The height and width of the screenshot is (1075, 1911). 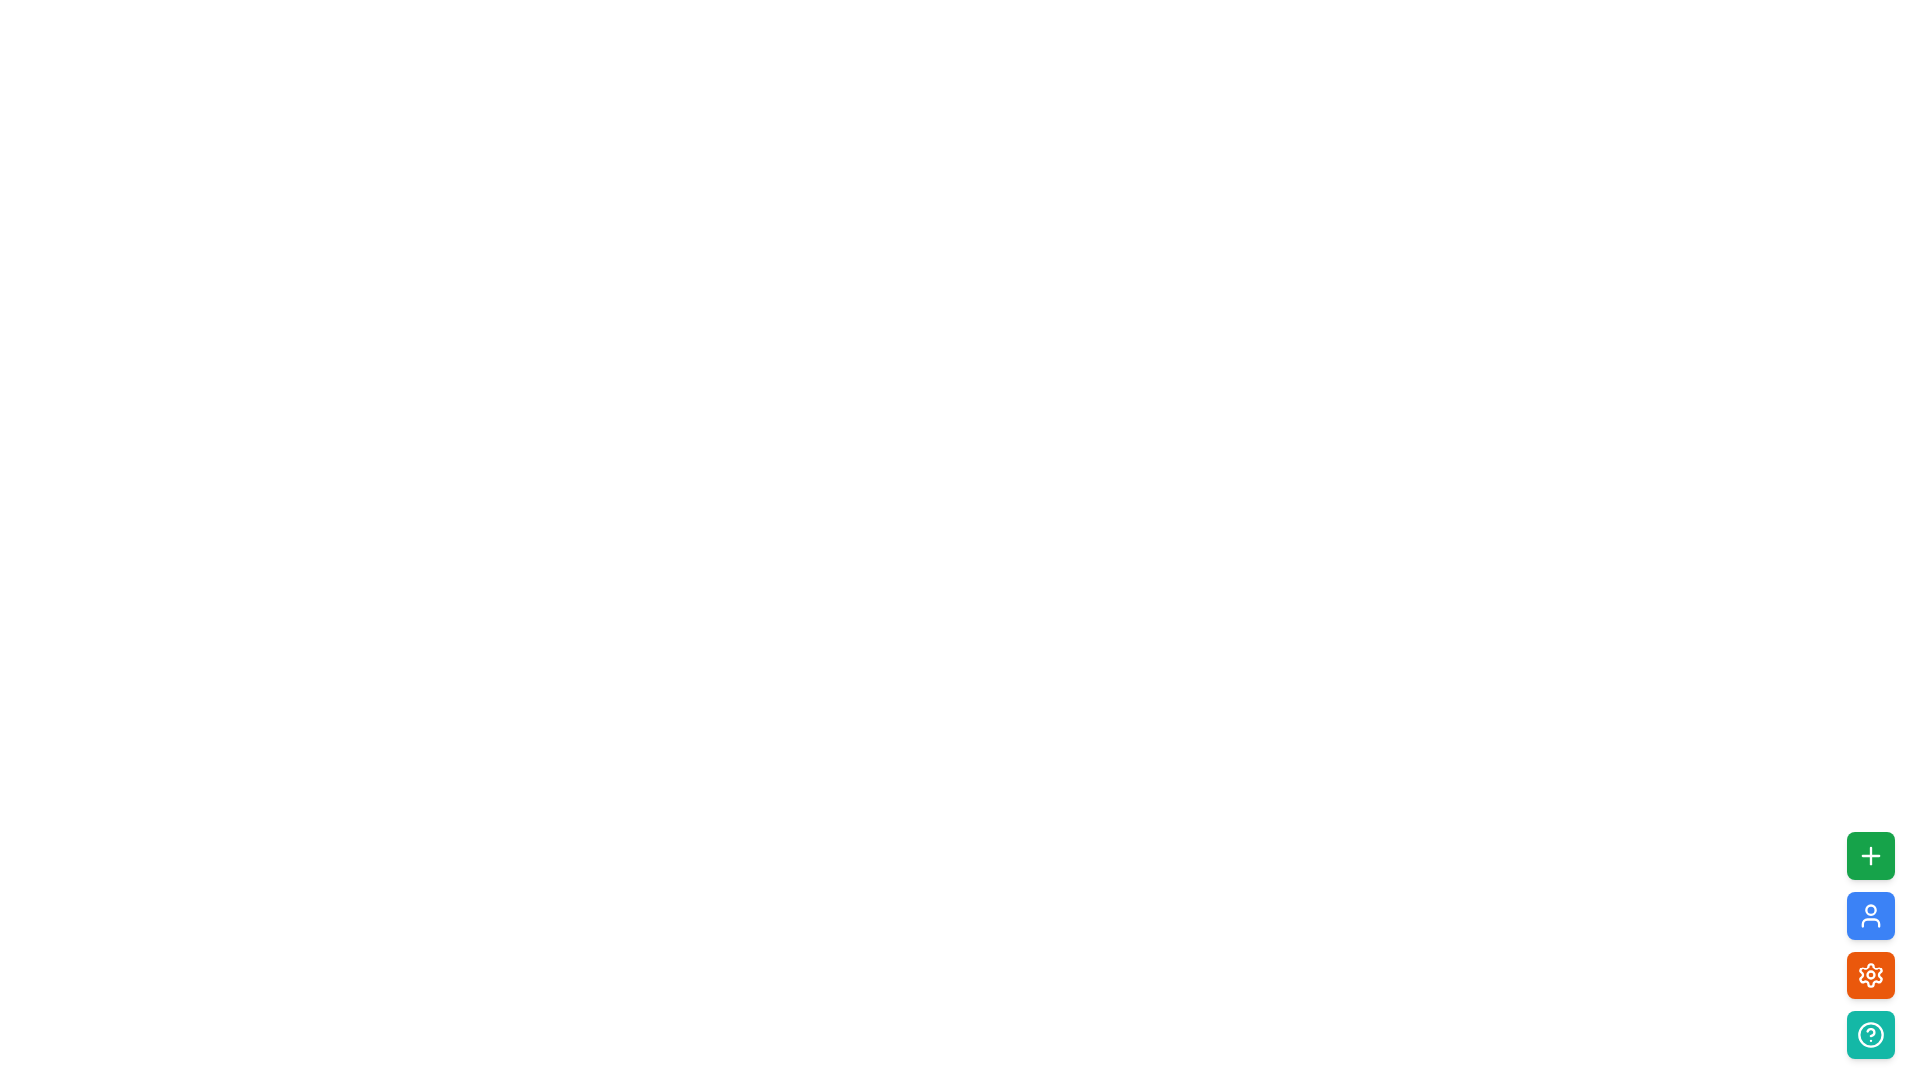 I want to click on the square-shaped button with a soft orange background and a white gear icon, which is the third button in a vertically stacked group of buttons on the right side of the interface, so click(x=1870, y=973).